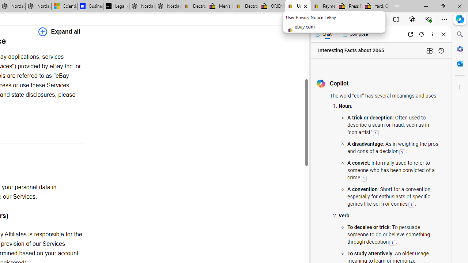 The image size is (468, 263). I want to click on 'Expand all', so click(59, 31).